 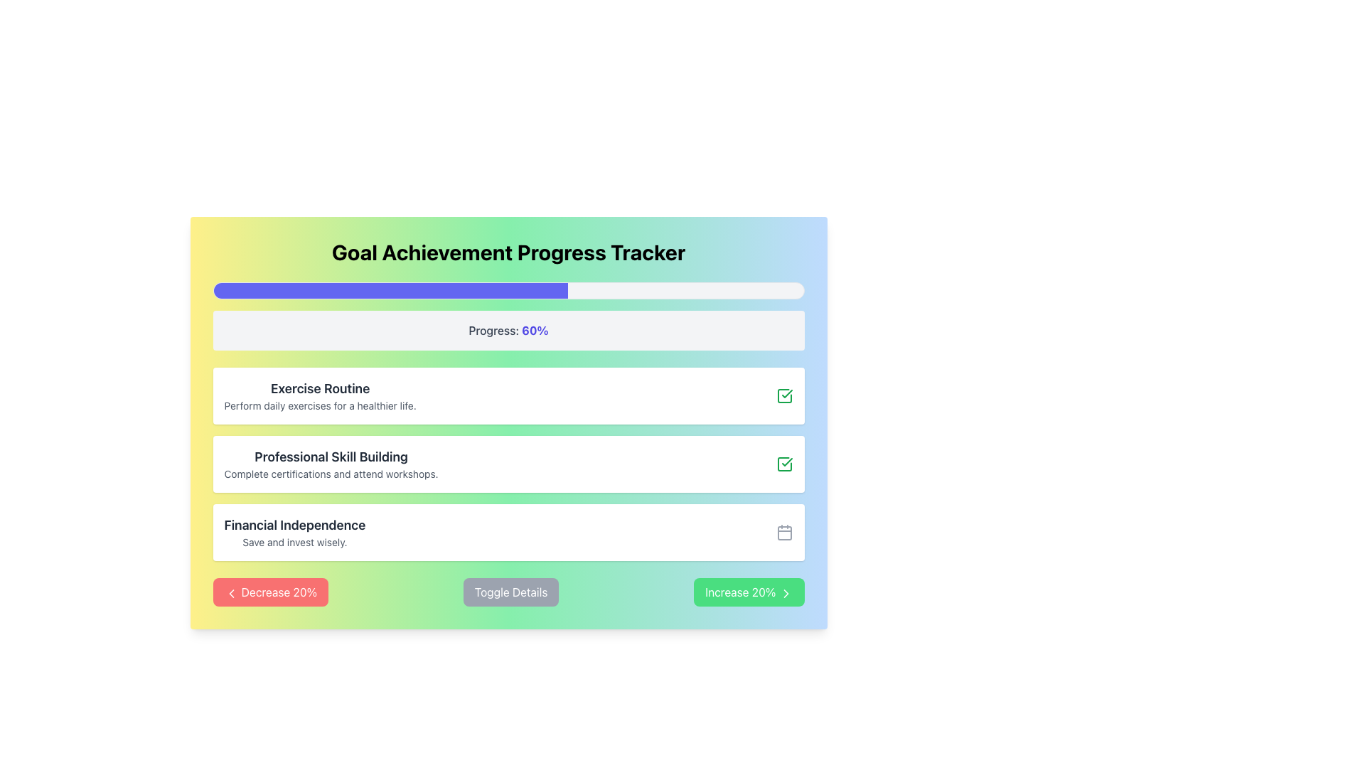 What do you see at coordinates (785, 593) in the screenshot?
I see `the icon on the far right side of the 'Increase 20%' button which indicates a forward or rightward action` at bounding box center [785, 593].